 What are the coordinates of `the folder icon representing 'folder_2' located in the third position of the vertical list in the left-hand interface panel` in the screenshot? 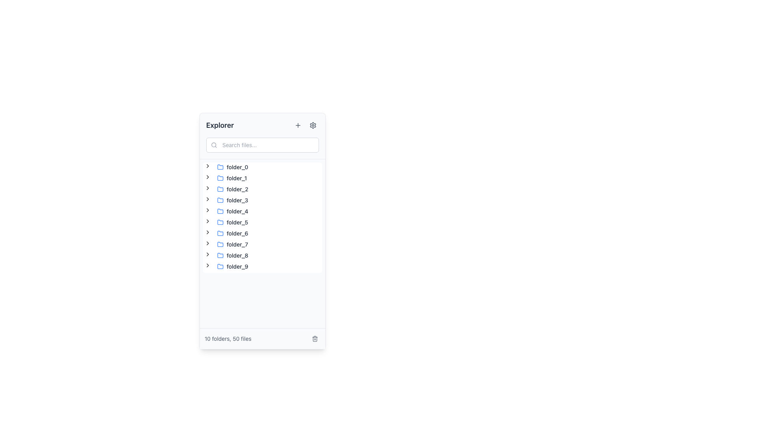 It's located at (220, 189).